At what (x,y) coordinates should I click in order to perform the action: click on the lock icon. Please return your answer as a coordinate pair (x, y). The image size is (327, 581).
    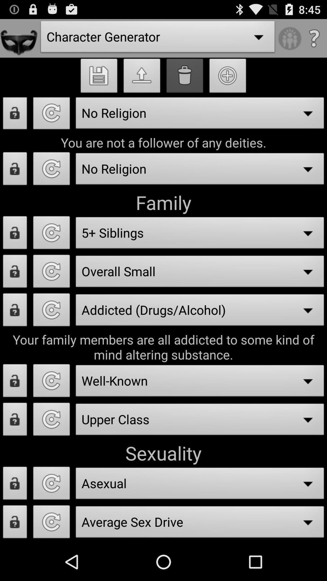
    Looking at the image, I should click on (15, 123).